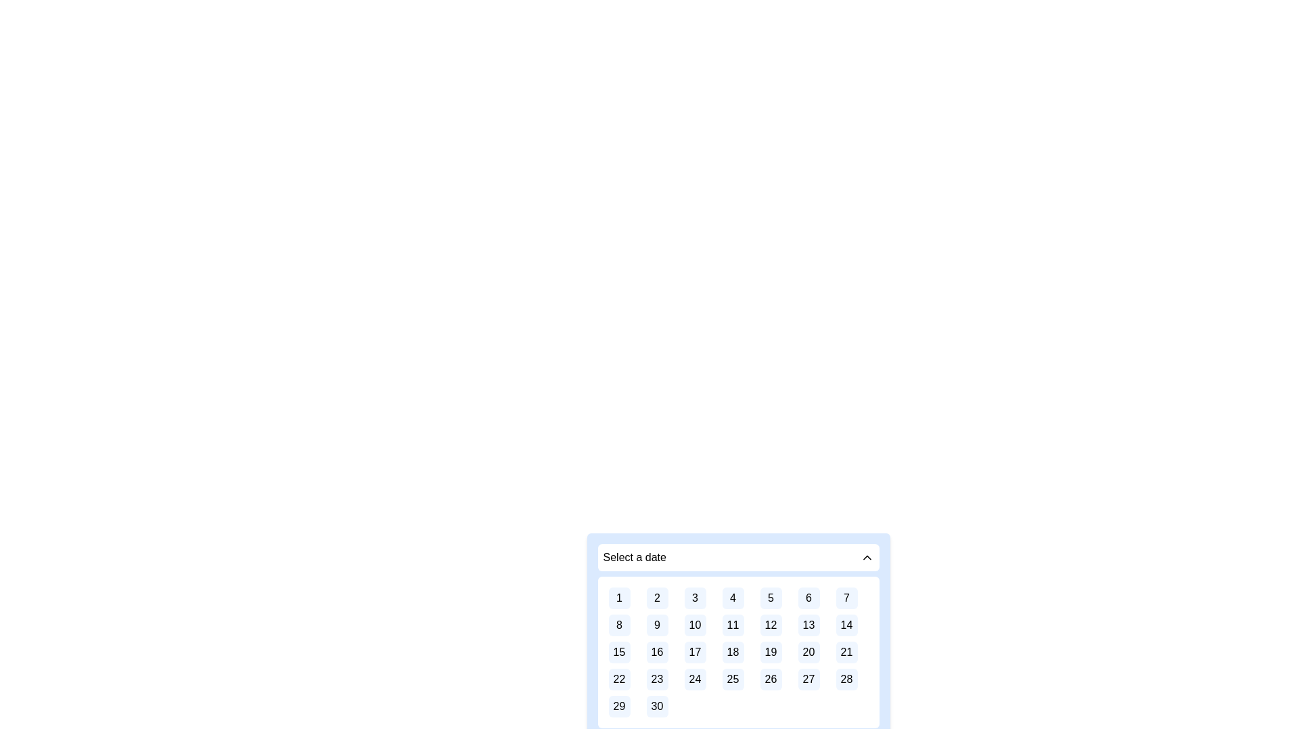  I want to click on the button representing the numerical day '5' in the calendar date-picker interface, so click(771, 597).